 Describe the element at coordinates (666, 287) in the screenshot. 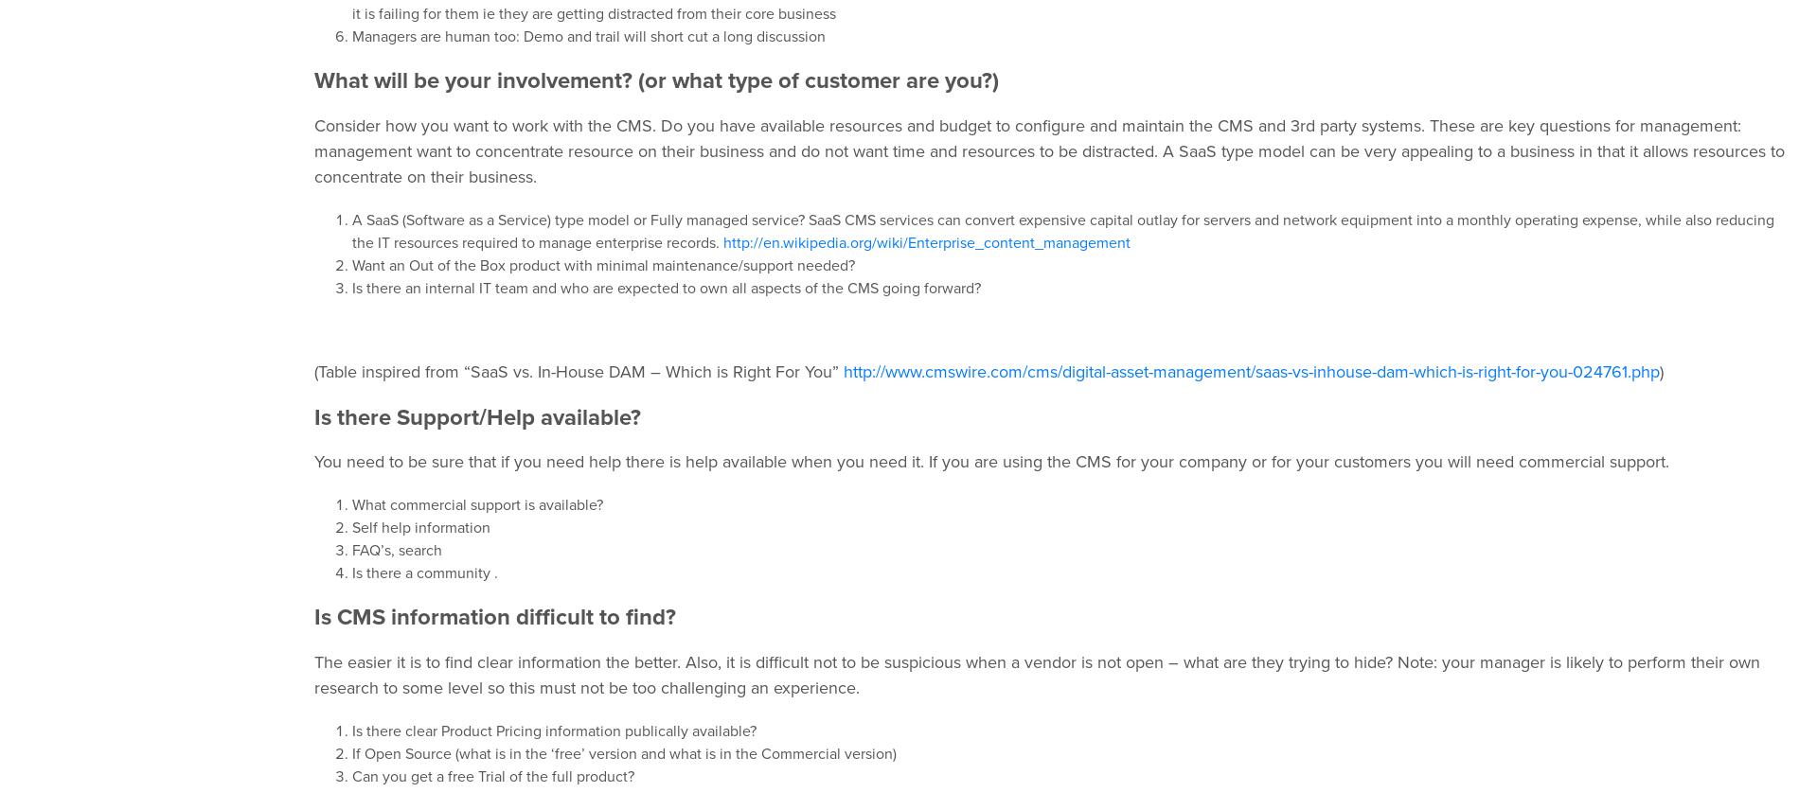

I see `'Is there an internal IT team and who are expected to own all aspects of the CMS going forward?'` at that location.